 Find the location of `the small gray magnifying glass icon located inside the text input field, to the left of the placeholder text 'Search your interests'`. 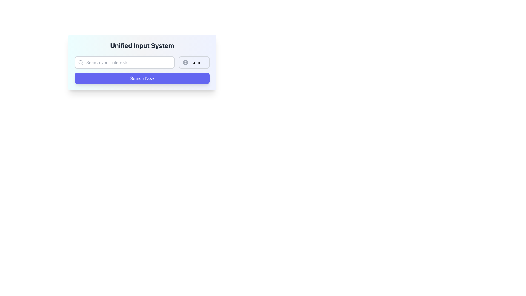

the small gray magnifying glass icon located inside the text input field, to the left of the placeholder text 'Search your interests' is located at coordinates (80, 62).